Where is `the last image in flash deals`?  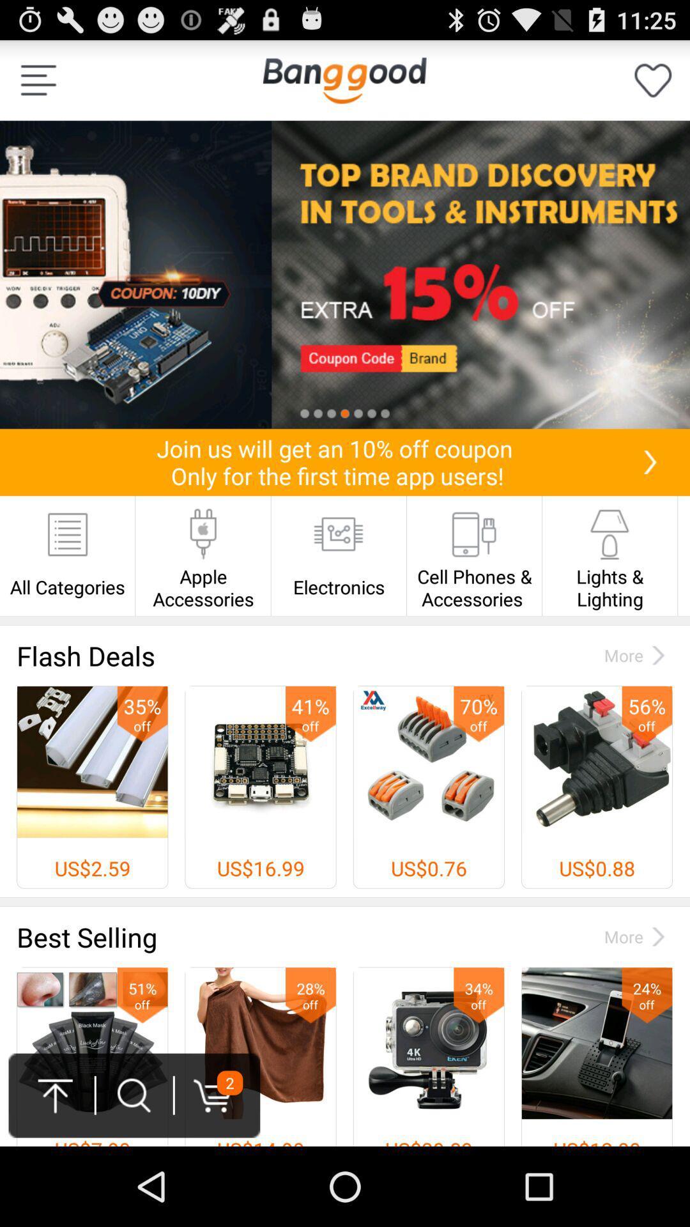
the last image in flash deals is located at coordinates (597, 762).